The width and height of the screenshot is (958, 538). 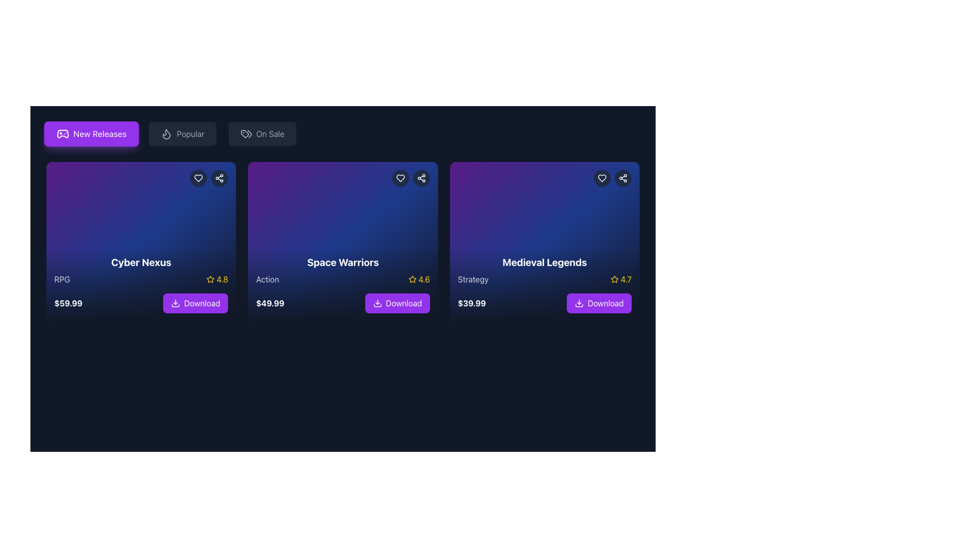 What do you see at coordinates (404, 303) in the screenshot?
I see `the 'Download' text label displayed in white on a purple button background, located at the bottom right corner of the second card from the left` at bounding box center [404, 303].